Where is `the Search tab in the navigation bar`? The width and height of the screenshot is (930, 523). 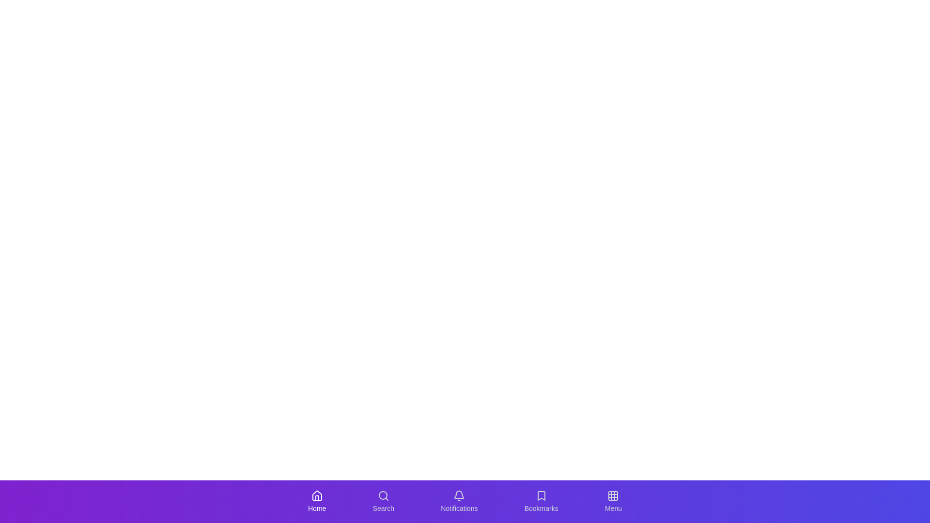 the Search tab in the navigation bar is located at coordinates (383, 501).